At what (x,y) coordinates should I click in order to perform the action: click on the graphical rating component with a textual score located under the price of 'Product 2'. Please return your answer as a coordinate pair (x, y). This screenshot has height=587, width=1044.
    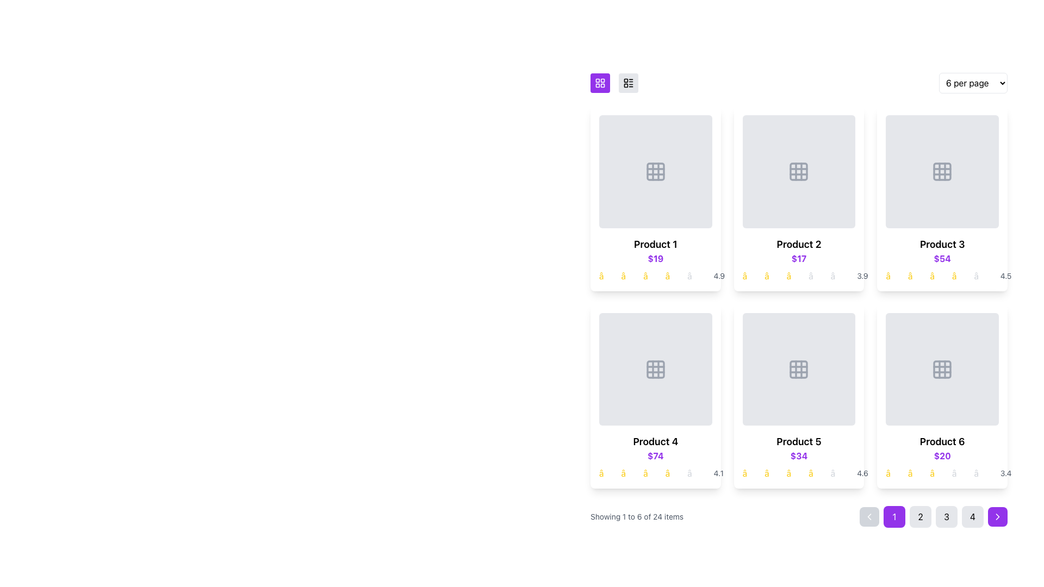
    Looking at the image, I should click on (799, 275).